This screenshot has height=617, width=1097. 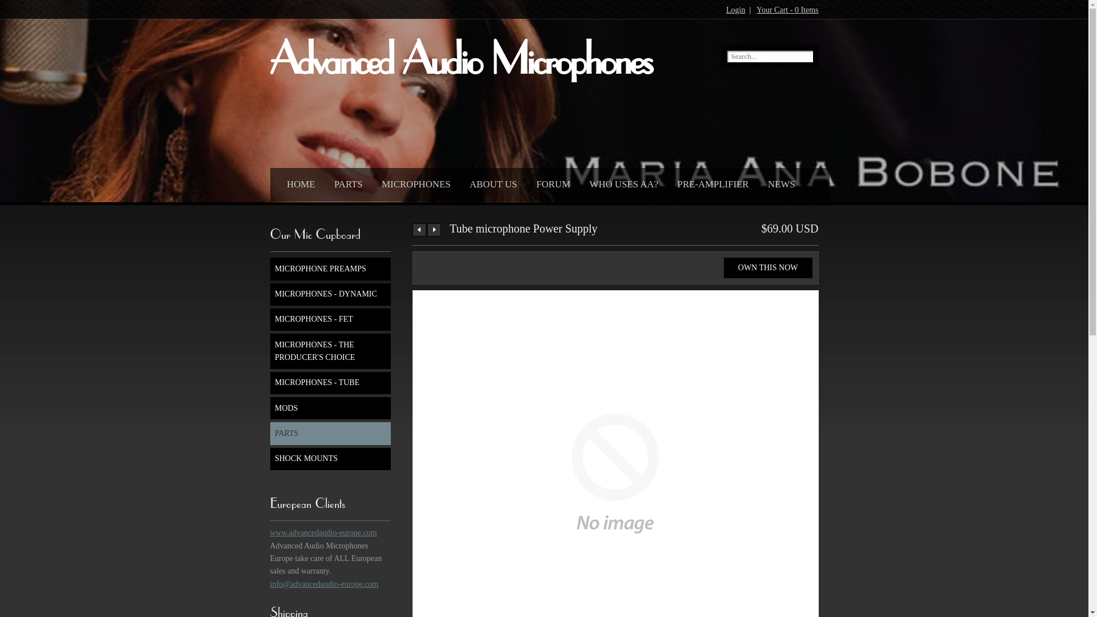 I want to click on 'www.advancedaudio-europe.com', so click(x=322, y=532).